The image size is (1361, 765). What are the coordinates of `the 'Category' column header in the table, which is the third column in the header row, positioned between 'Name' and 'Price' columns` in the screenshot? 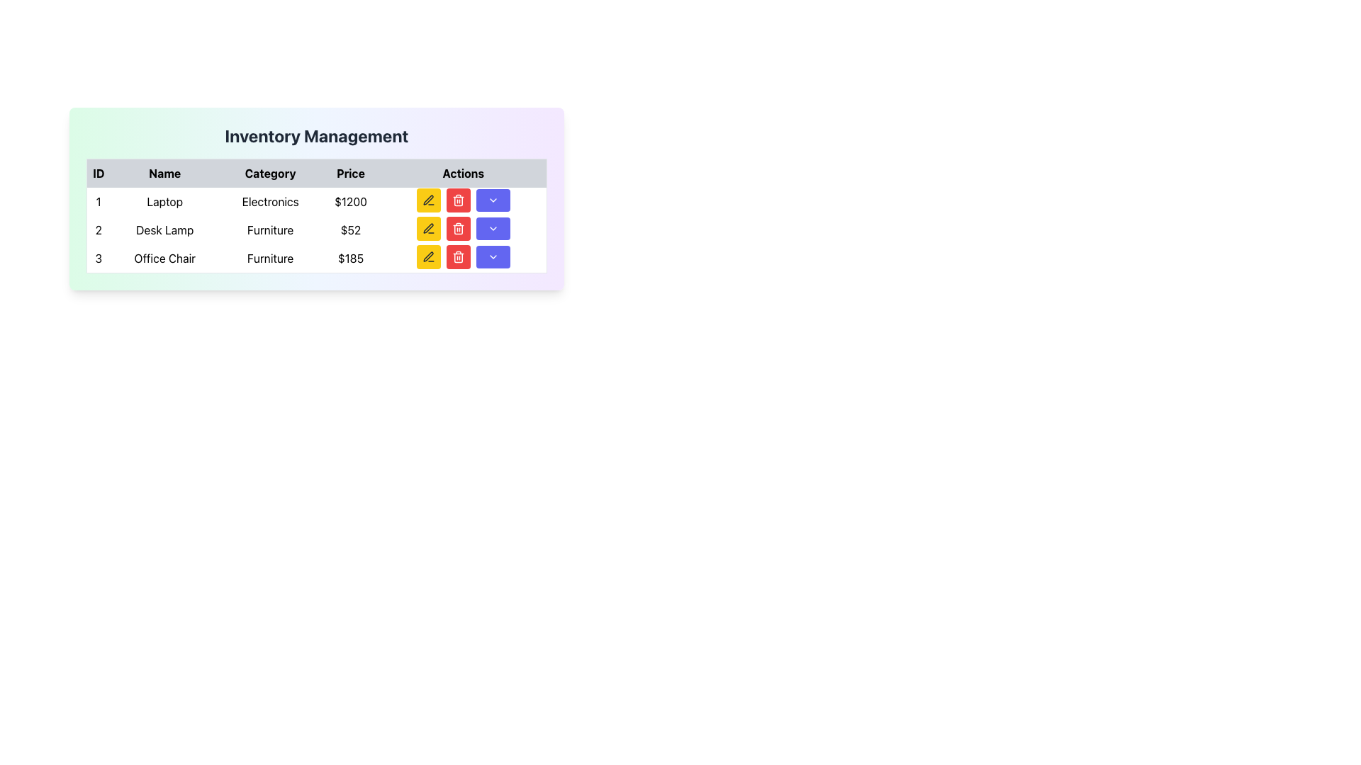 It's located at (270, 172).